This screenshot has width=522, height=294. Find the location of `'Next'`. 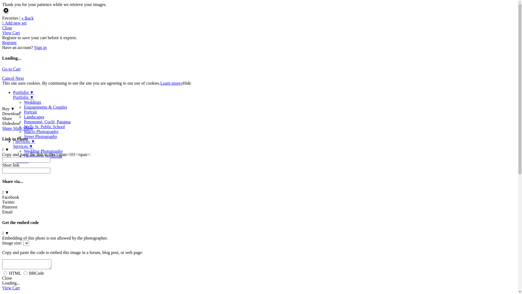

'Next' is located at coordinates (19, 78).